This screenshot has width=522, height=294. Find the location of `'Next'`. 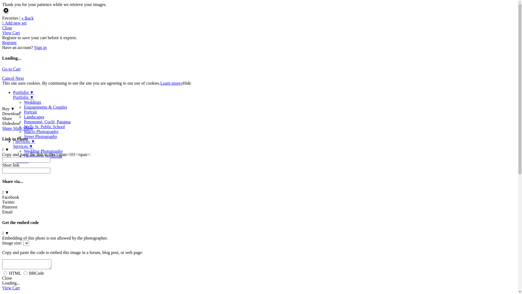

'Next' is located at coordinates (19, 78).